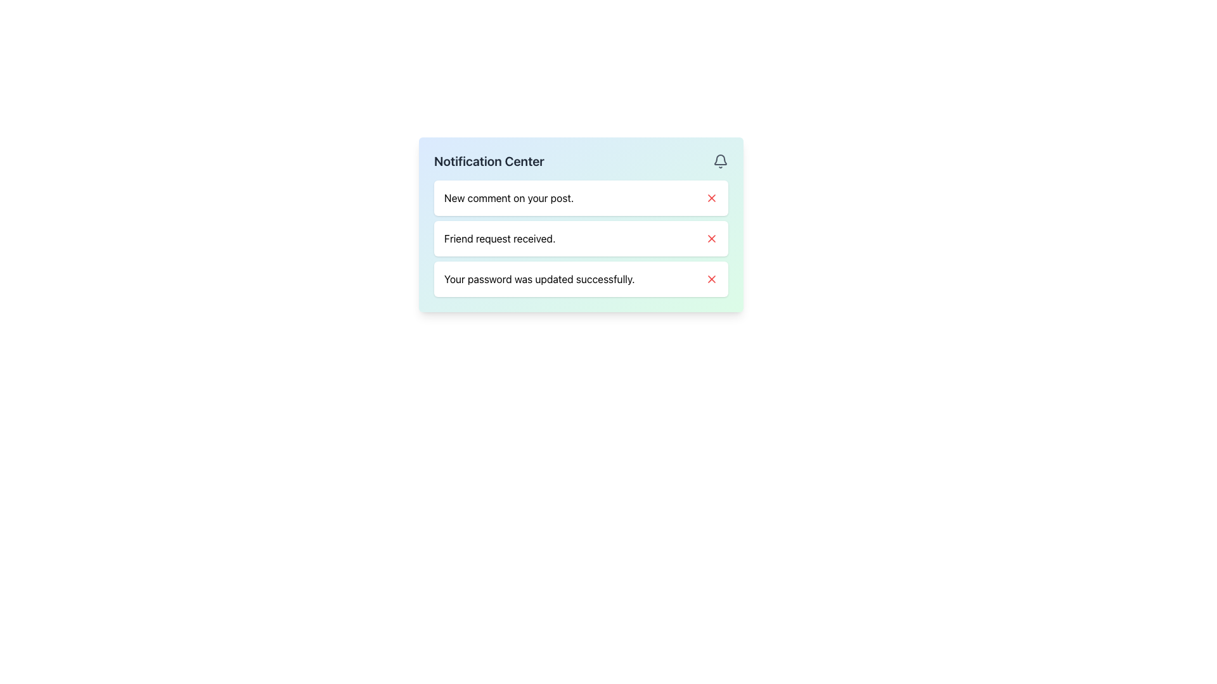 The width and height of the screenshot is (1217, 684). Describe the element at coordinates (499, 239) in the screenshot. I see `text element that says 'Friend request received.' displayed in a black font on a white background card, which is the second notification in a vertical list` at that location.